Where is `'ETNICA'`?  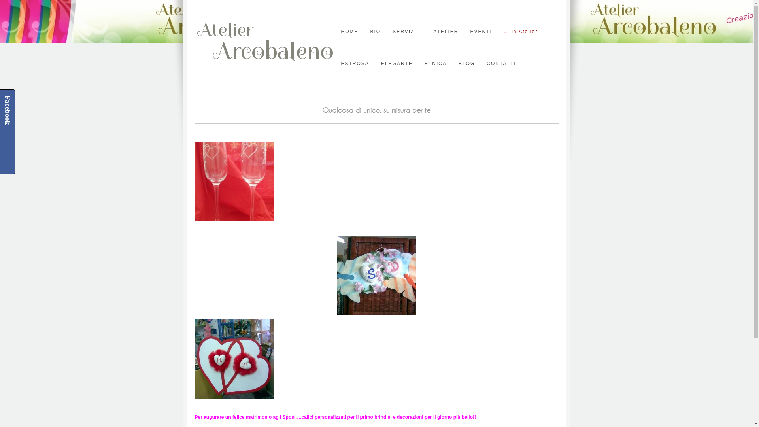
'ETNICA' is located at coordinates (435, 63).